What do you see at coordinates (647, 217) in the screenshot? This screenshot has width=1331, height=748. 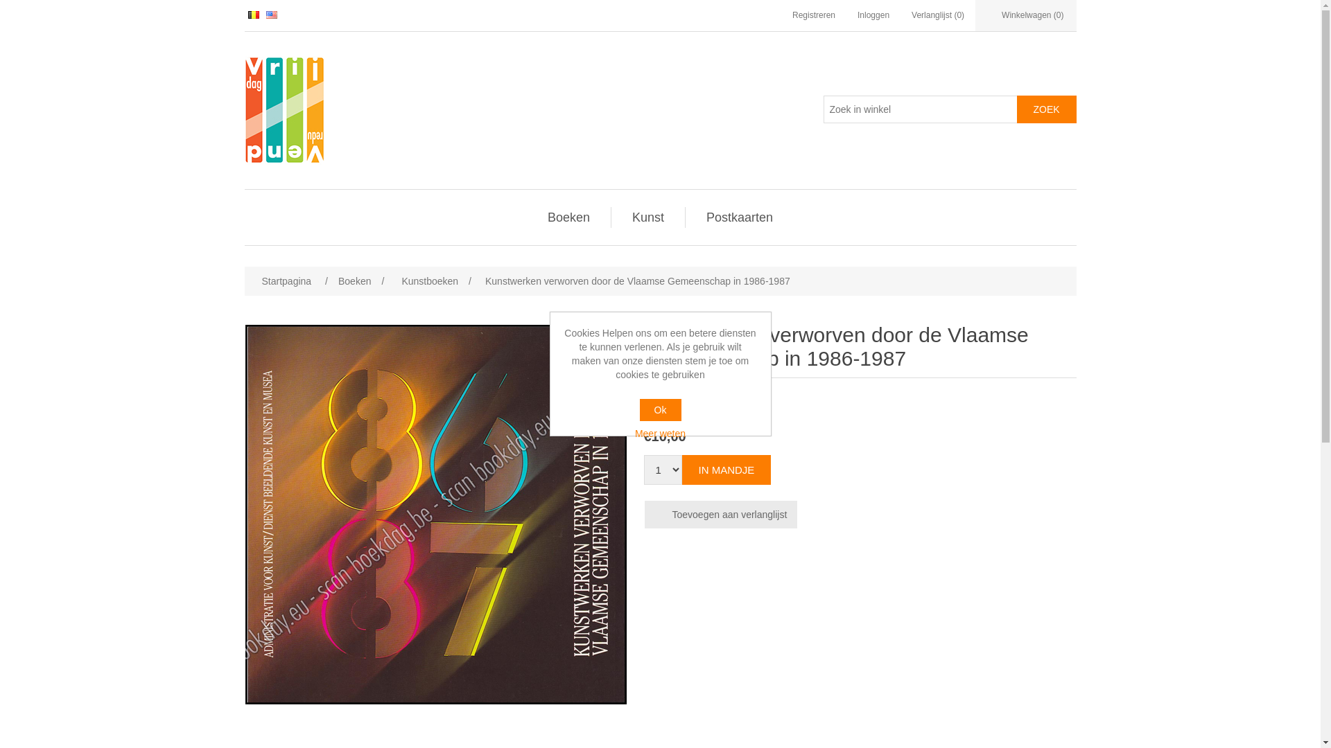 I see `'Kunst'` at bounding box center [647, 217].